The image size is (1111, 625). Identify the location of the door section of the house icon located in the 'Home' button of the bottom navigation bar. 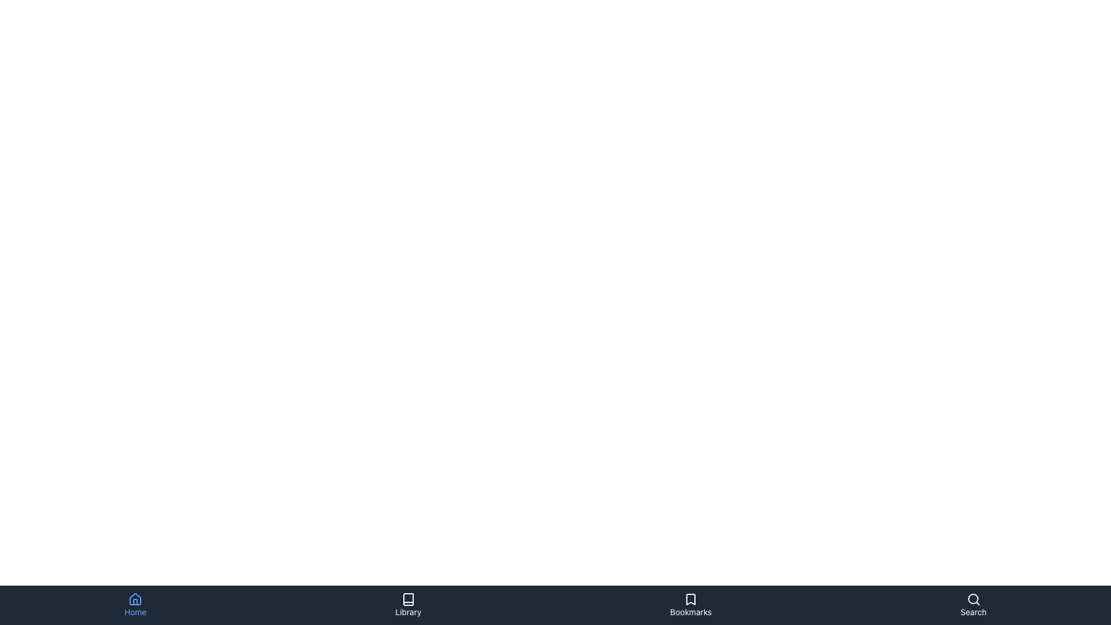
(135, 601).